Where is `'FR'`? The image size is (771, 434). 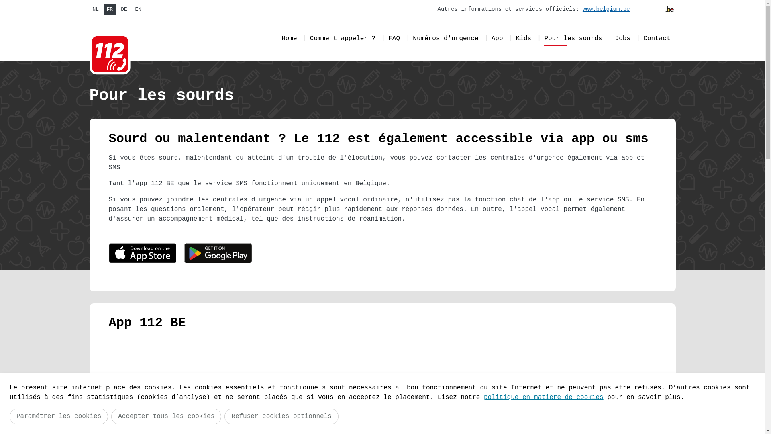 'FR' is located at coordinates (109, 9).